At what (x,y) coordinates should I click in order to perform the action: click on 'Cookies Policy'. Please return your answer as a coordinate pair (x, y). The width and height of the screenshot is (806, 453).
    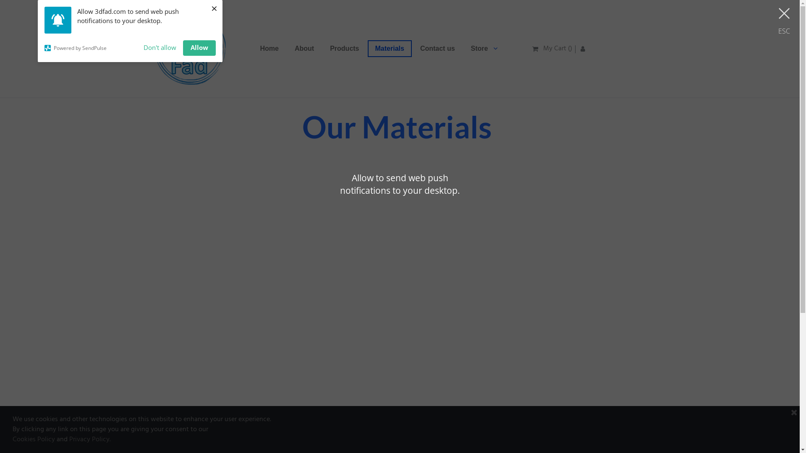
    Looking at the image, I should click on (34, 439).